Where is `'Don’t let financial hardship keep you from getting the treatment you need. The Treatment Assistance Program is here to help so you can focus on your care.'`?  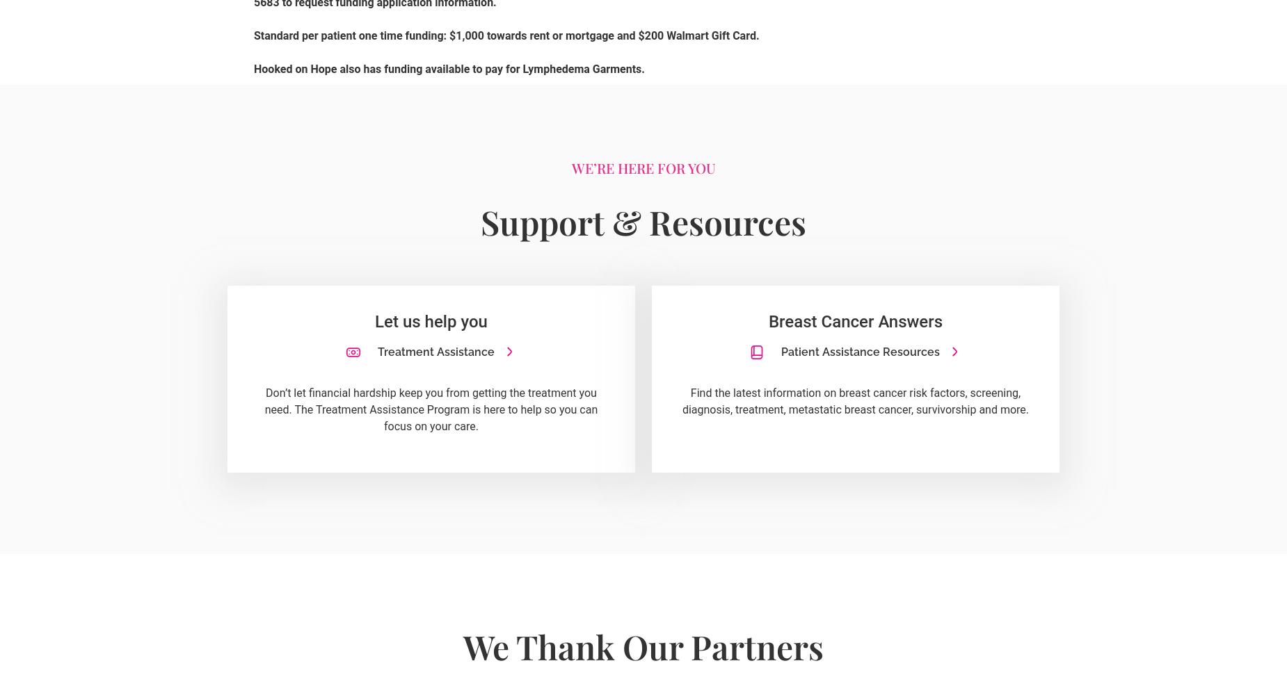 'Don’t let financial hardship keep you from getting the treatment you need. The Treatment Assistance Program is here to help so you can focus on your care.' is located at coordinates (263, 408).